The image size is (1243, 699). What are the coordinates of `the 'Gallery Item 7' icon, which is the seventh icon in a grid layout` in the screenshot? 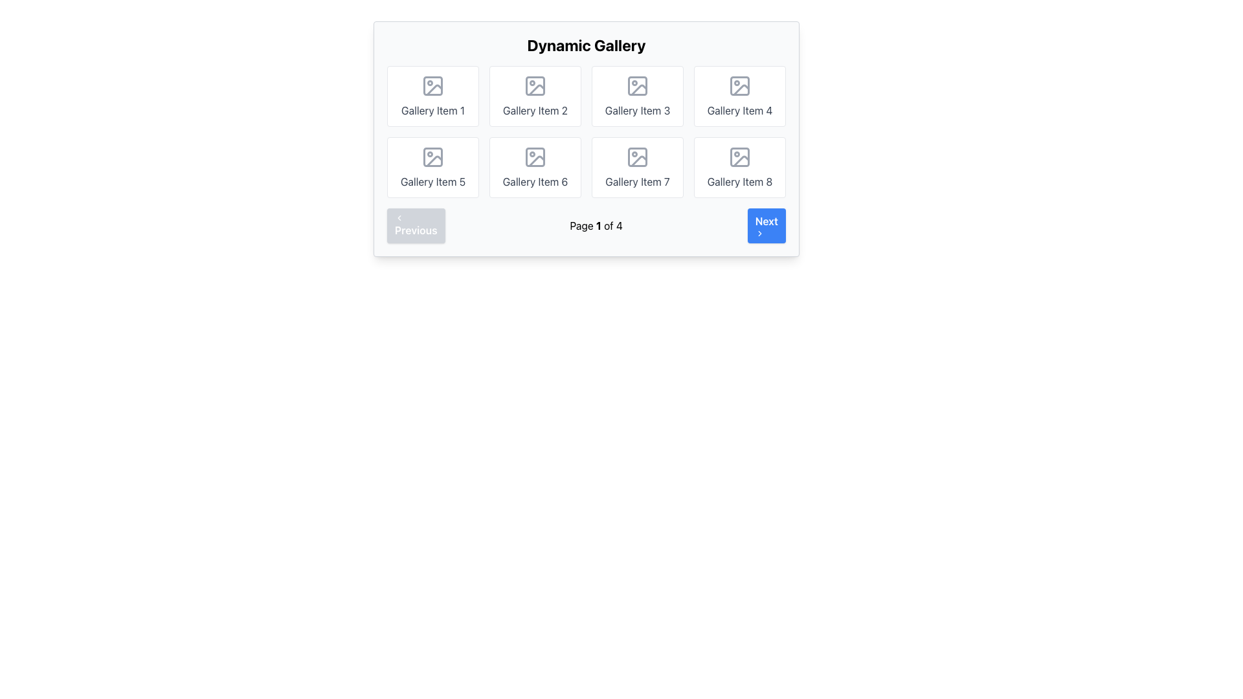 It's located at (637, 157).